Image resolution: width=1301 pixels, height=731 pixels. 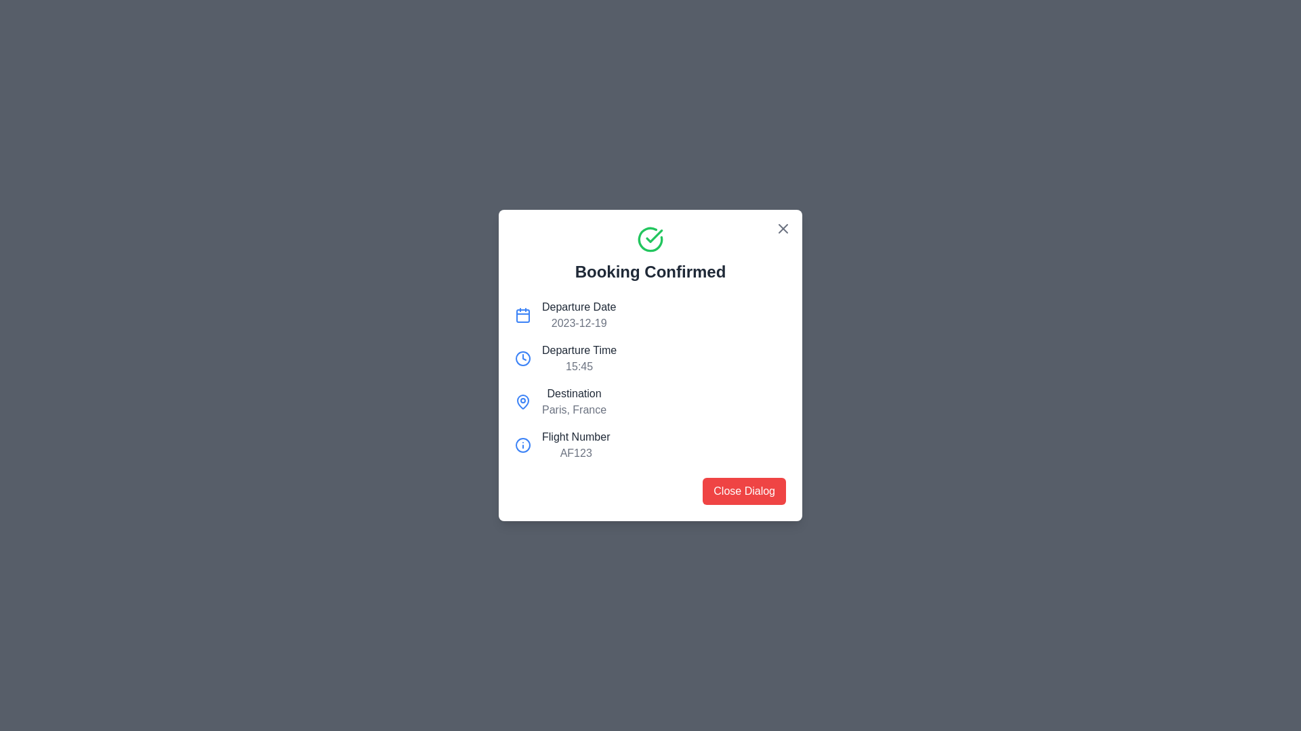 I want to click on the calendar icon located at the top-left corner of the list within the modal, adjacent to the 'Departure Date' text, so click(x=522, y=315).